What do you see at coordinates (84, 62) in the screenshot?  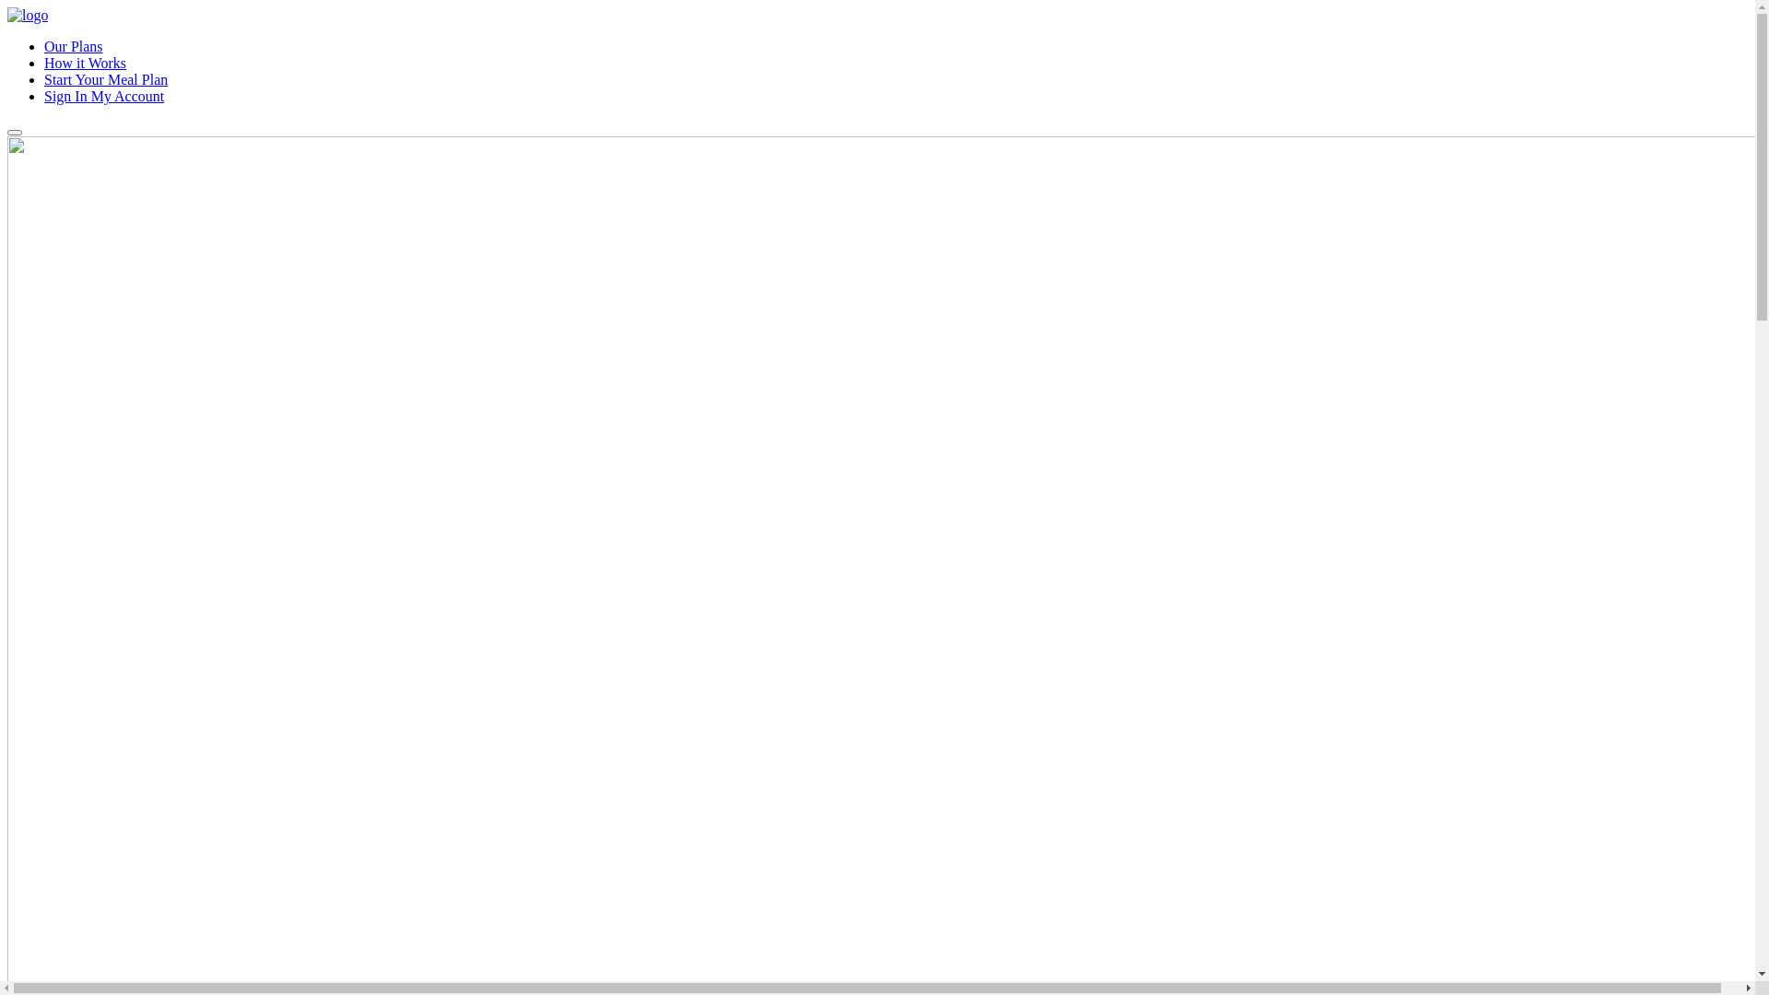 I see `'How it Works'` at bounding box center [84, 62].